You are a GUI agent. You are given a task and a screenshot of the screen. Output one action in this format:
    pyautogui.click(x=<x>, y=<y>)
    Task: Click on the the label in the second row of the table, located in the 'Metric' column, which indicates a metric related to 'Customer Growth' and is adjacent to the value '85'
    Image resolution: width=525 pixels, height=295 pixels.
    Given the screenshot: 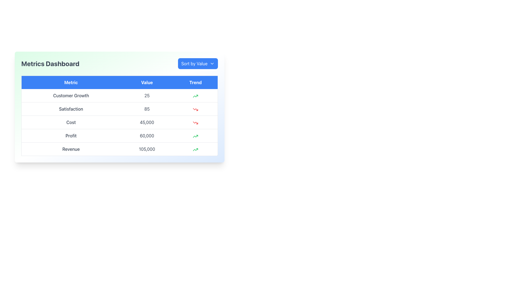 What is the action you would take?
    pyautogui.click(x=71, y=109)
    